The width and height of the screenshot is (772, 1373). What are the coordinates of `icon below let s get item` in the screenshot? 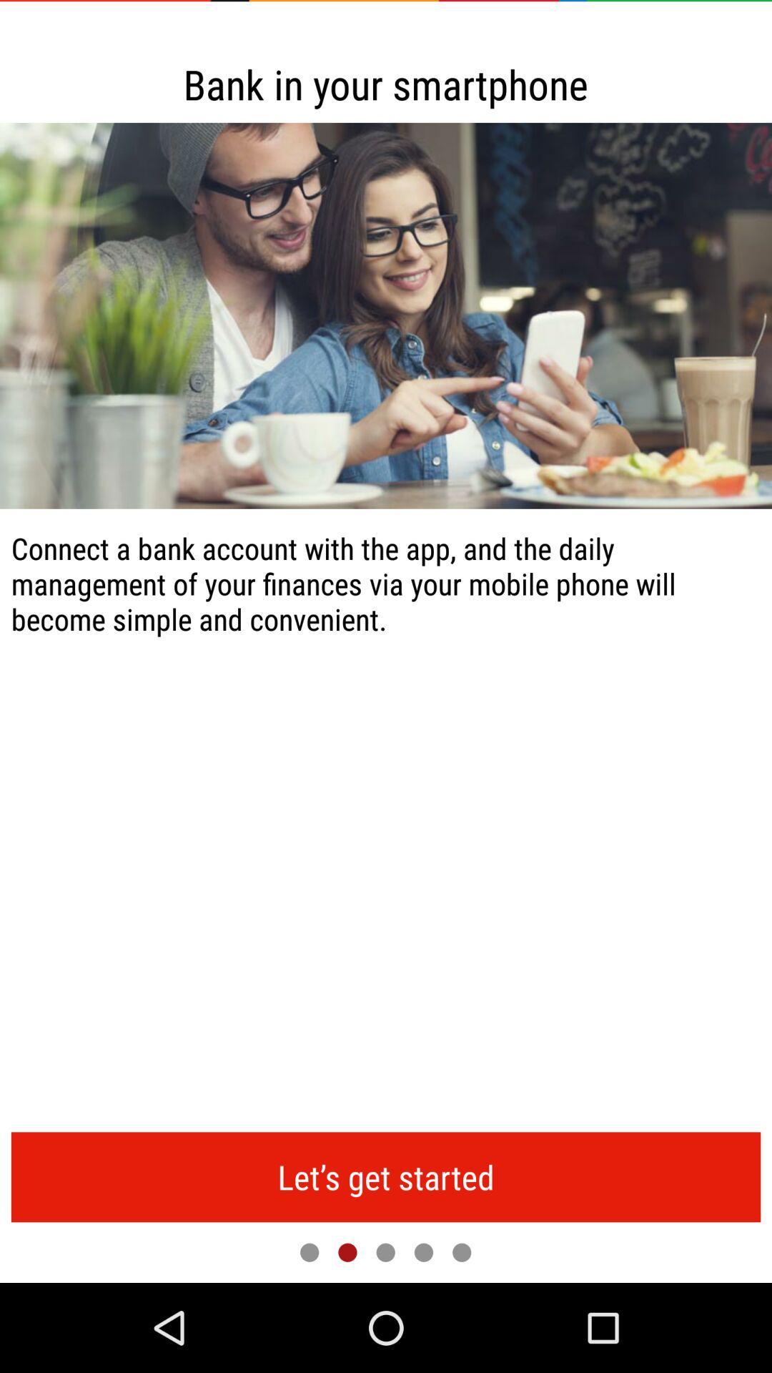 It's located at (385, 1251).